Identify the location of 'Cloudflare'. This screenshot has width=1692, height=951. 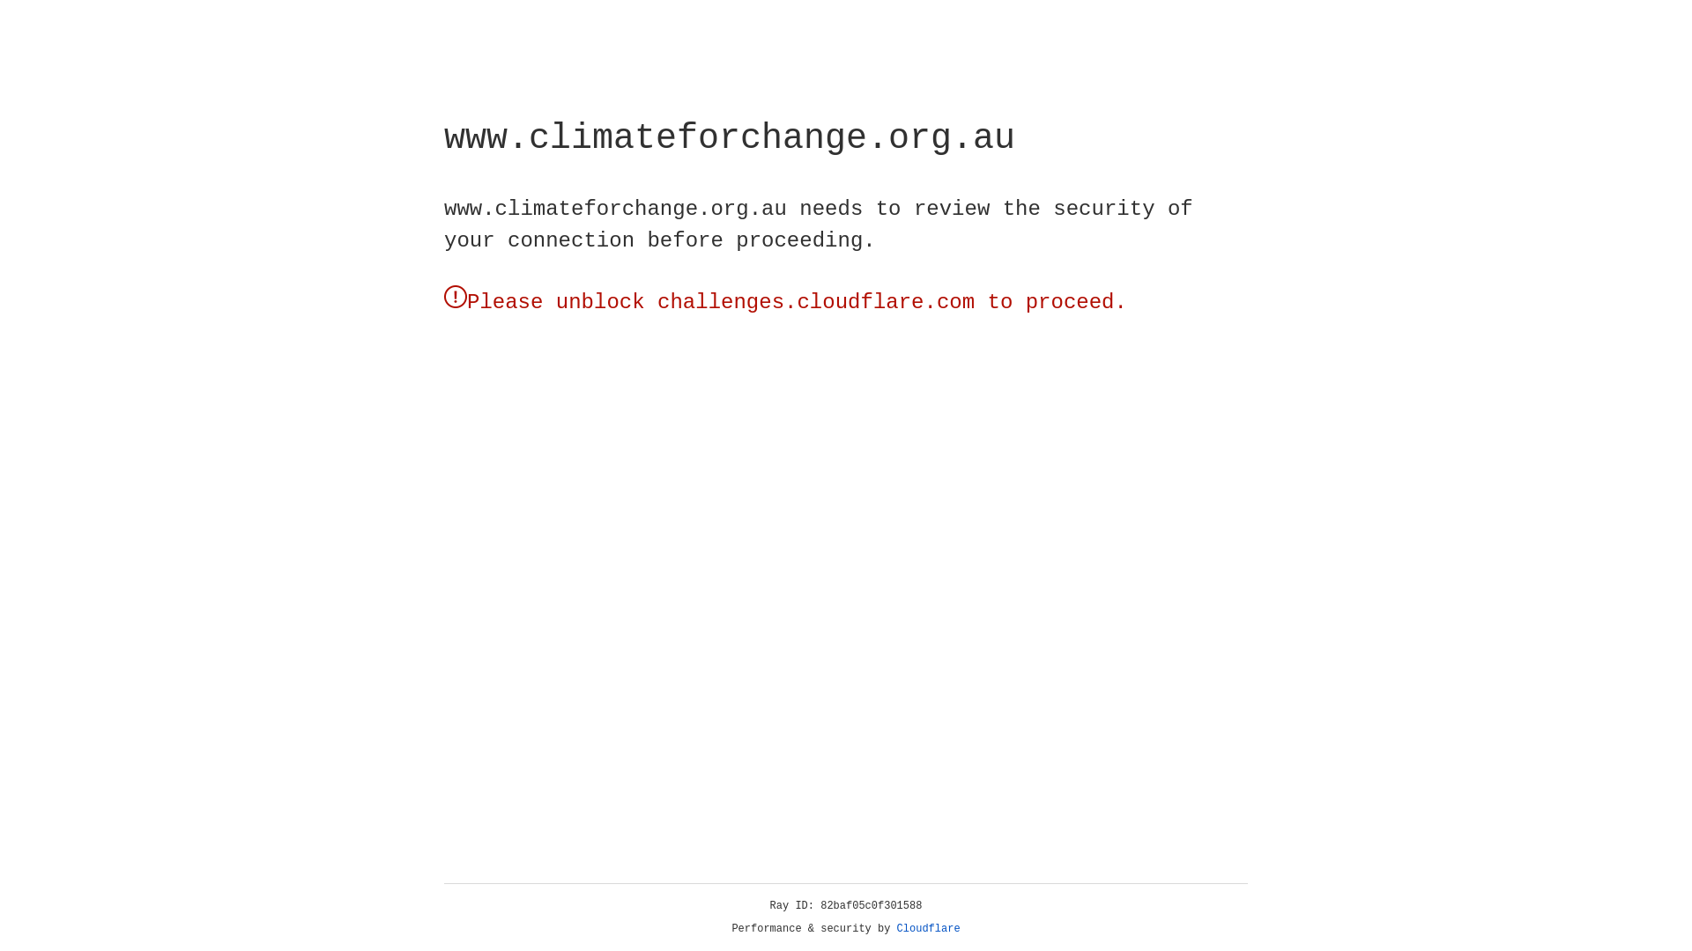
(928, 928).